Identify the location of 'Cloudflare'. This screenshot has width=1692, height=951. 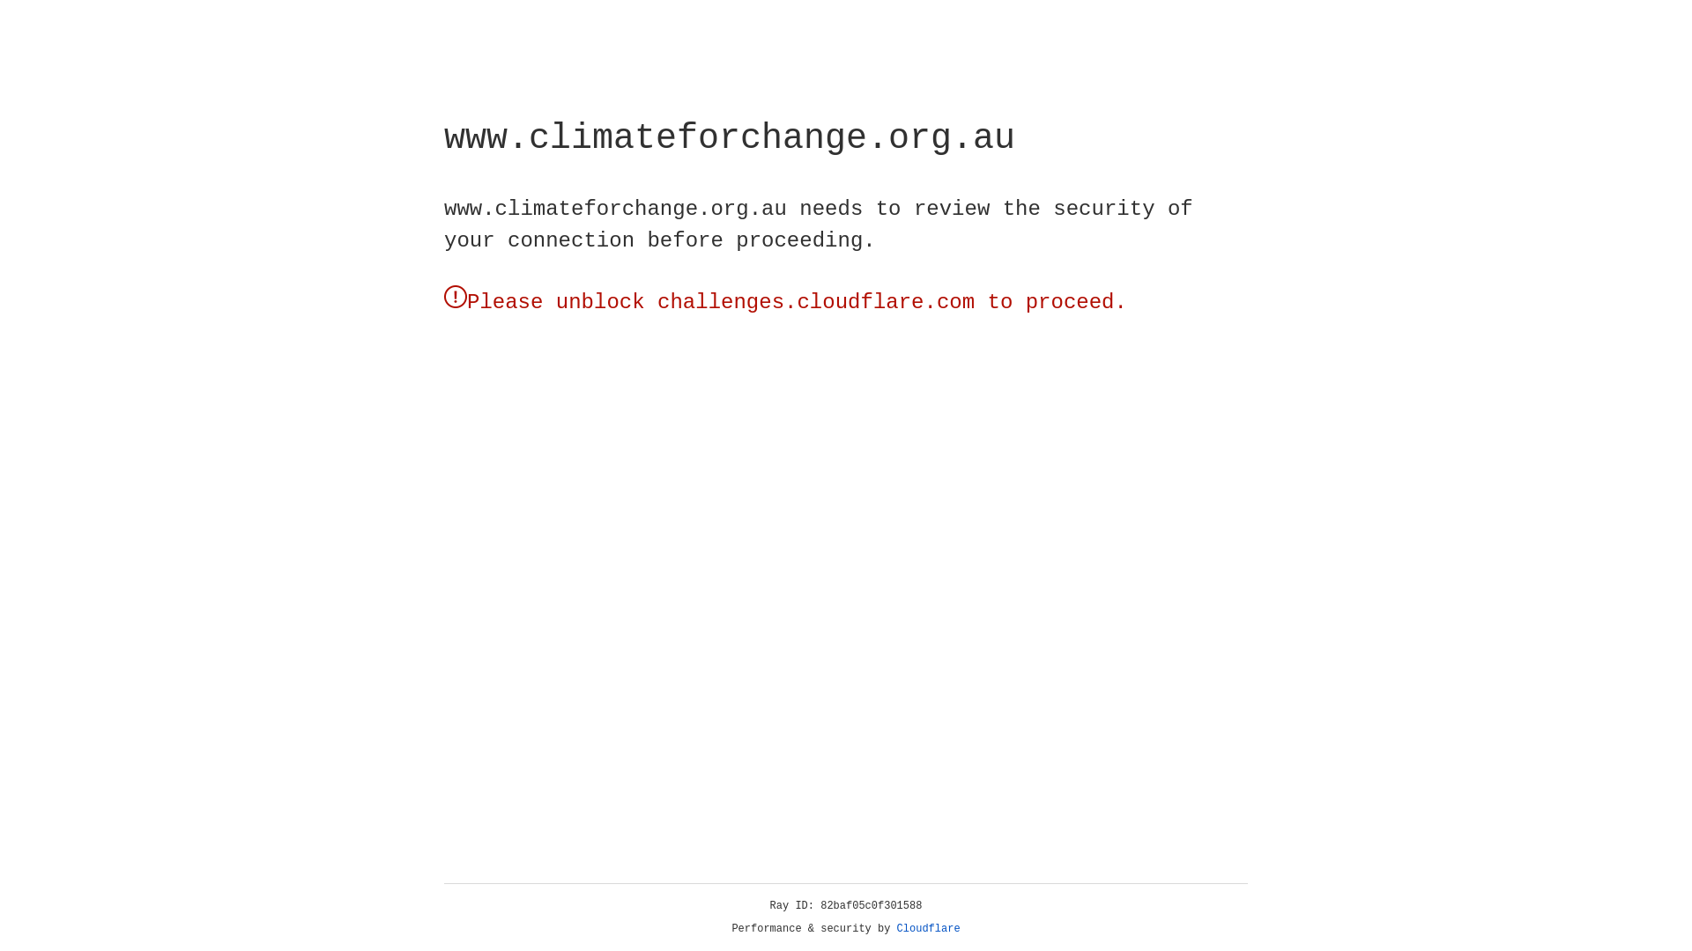
(928, 928).